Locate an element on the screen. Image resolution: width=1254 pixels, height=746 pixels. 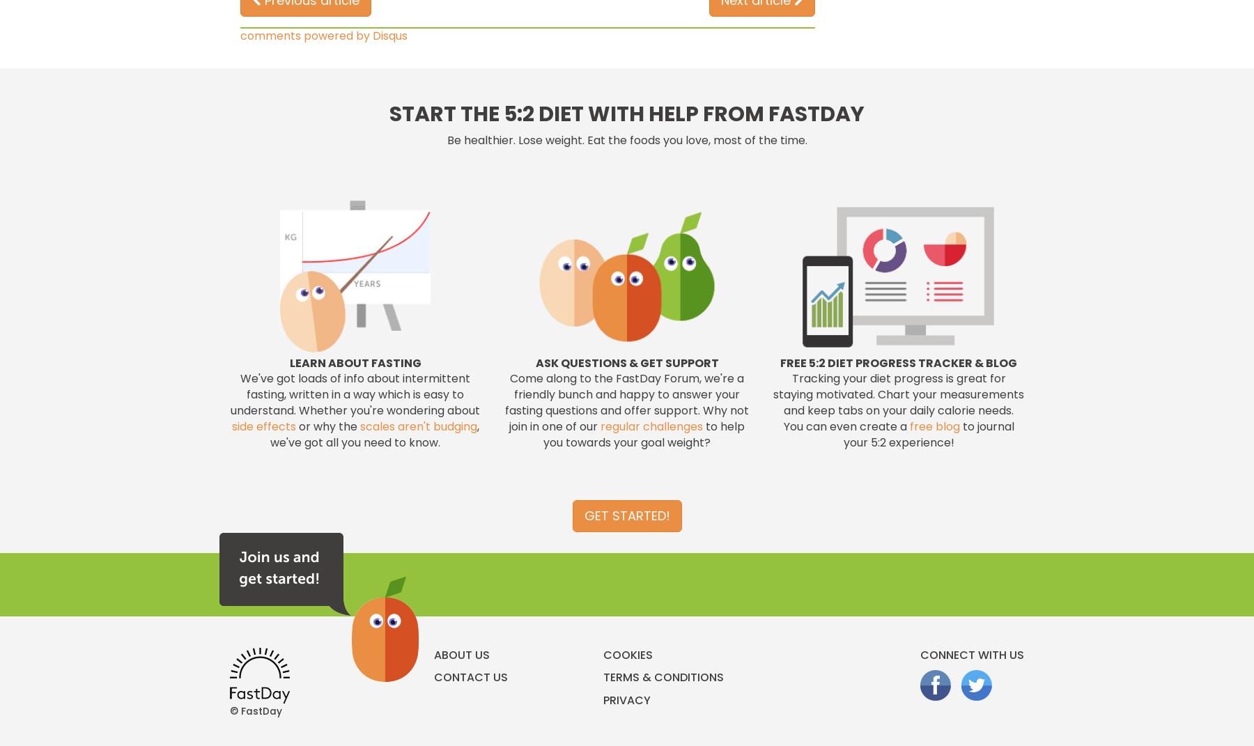
'to help you towards your goal weight?' is located at coordinates (643, 433).